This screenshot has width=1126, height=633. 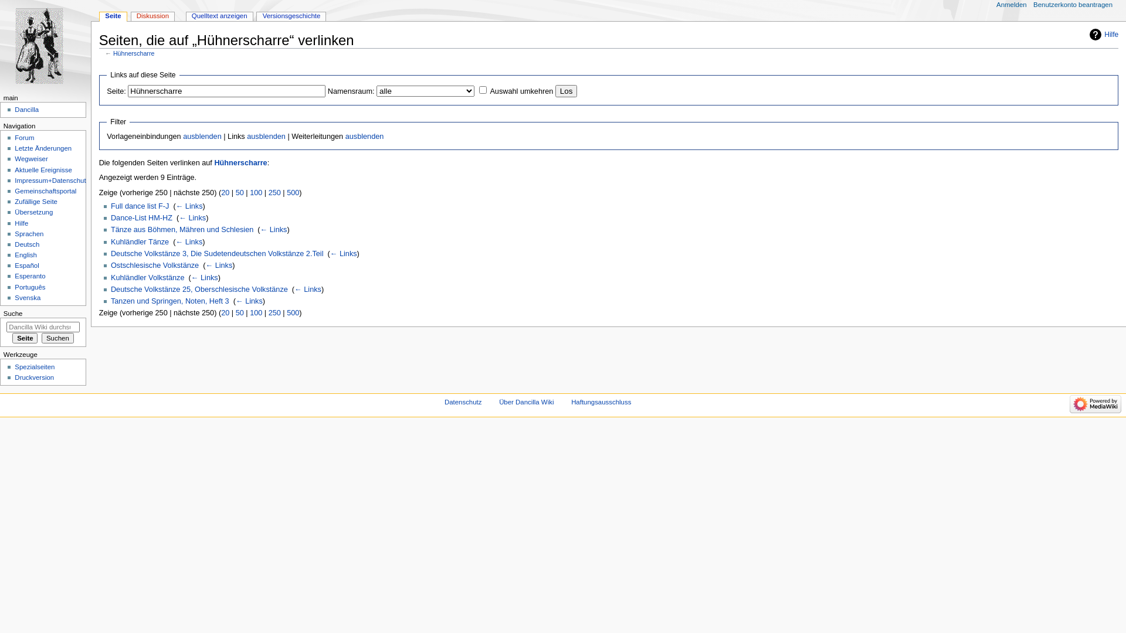 What do you see at coordinates (110, 205) in the screenshot?
I see `'Full dance list F-J'` at bounding box center [110, 205].